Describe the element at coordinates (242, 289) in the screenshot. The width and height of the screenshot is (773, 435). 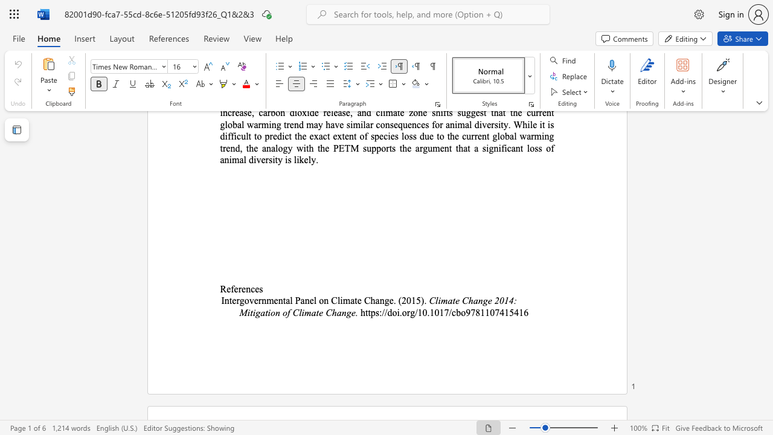
I see `the subset text "en" within the text "References"` at that location.